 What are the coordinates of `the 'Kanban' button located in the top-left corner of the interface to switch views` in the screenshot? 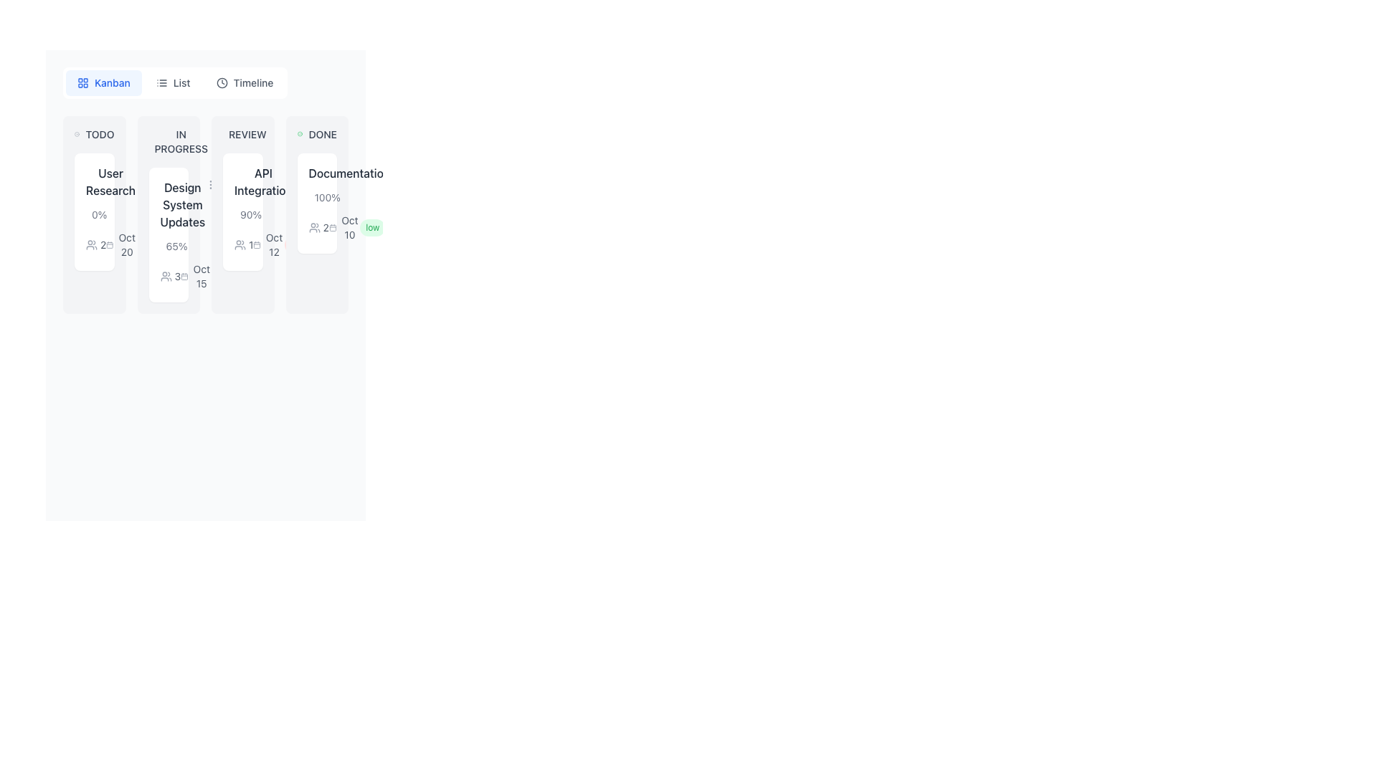 It's located at (103, 82).